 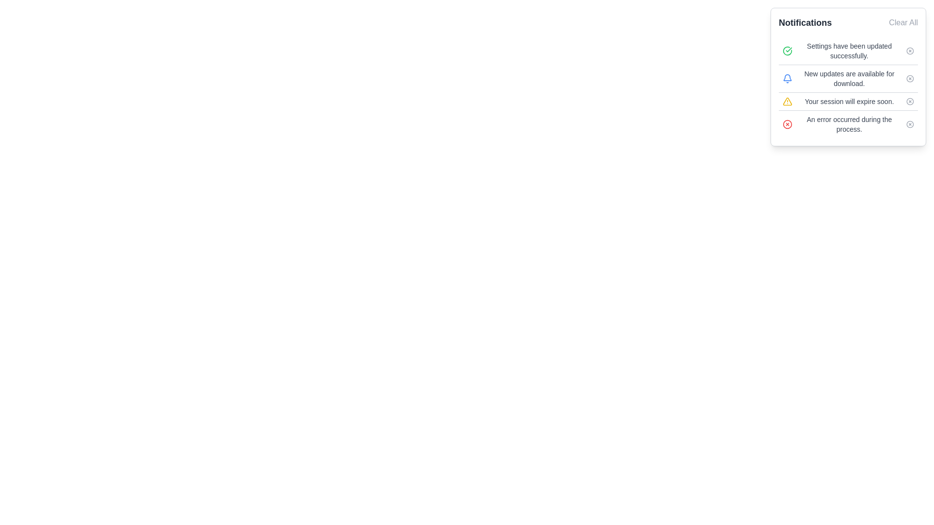 What do you see at coordinates (787, 51) in the screenshot?
I see `the circular green outlined icon with a checkmark inside, which is positioned to the left of the 'Settings have been updated successfully.' text in the notification box at the top-right of the UI panel` at bounding box center [787, 51].